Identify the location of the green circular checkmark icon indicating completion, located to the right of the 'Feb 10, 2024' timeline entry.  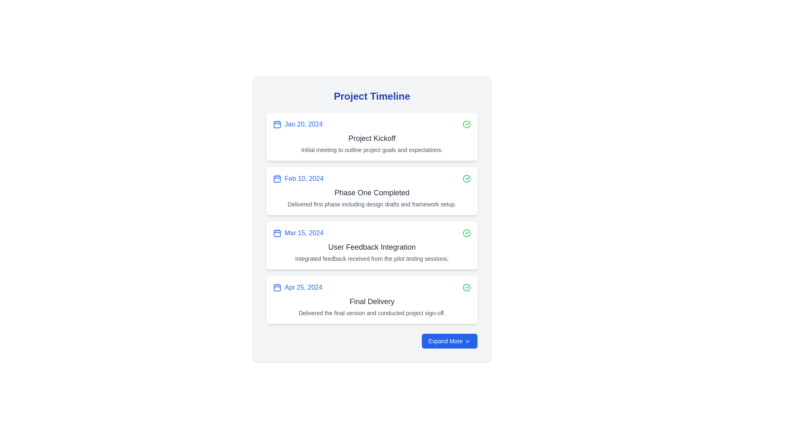
(466, 178).